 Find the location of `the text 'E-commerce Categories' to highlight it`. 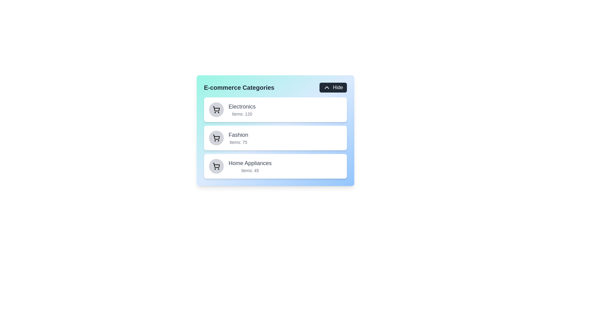

the text 'E-commerce Categories' to highlight it is located at coordinates (239, 88).